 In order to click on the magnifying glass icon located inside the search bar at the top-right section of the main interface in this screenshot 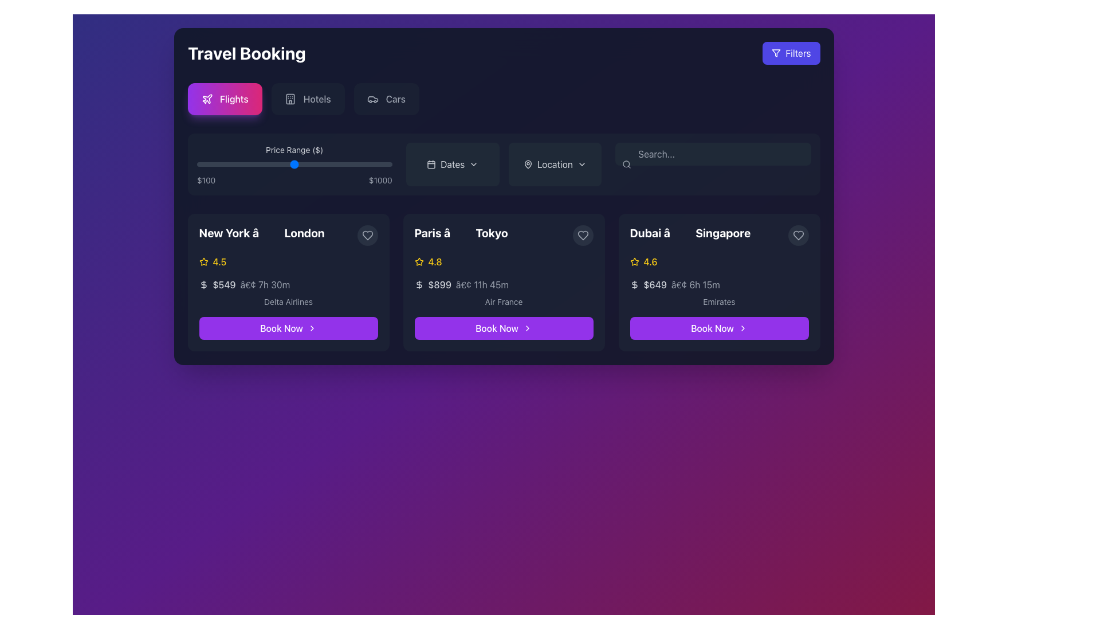, I will do `click(626, 164)`.